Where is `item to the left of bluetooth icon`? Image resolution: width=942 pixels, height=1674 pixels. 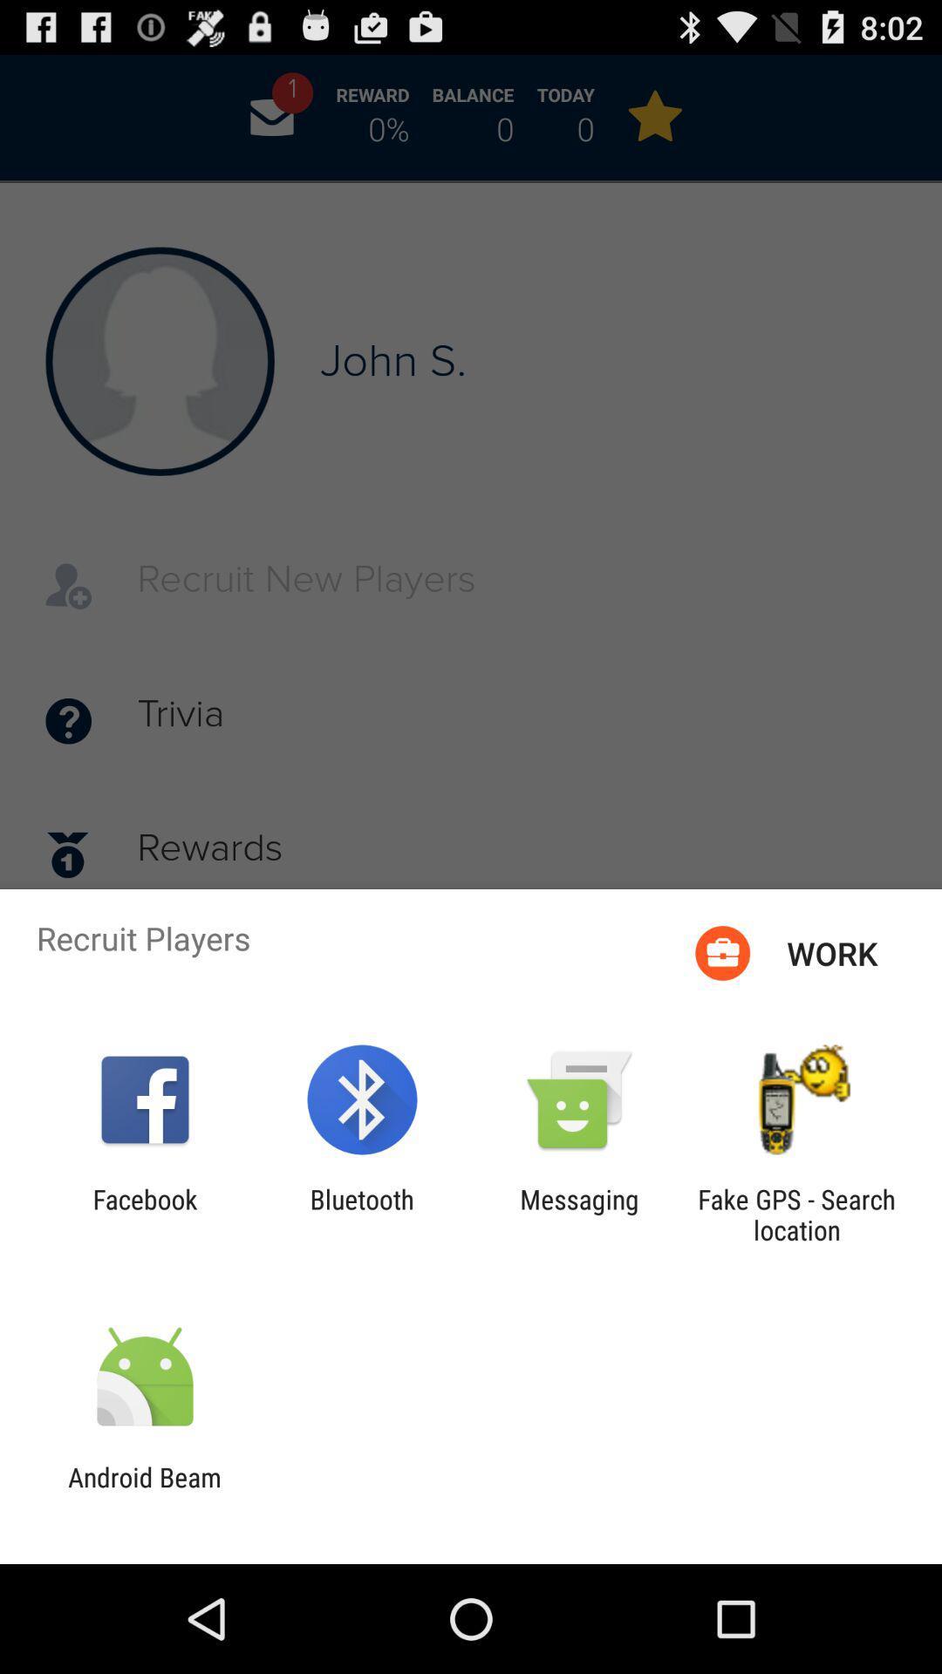 item to the left of bluetooth icon is located at coordinates (144, 1214).